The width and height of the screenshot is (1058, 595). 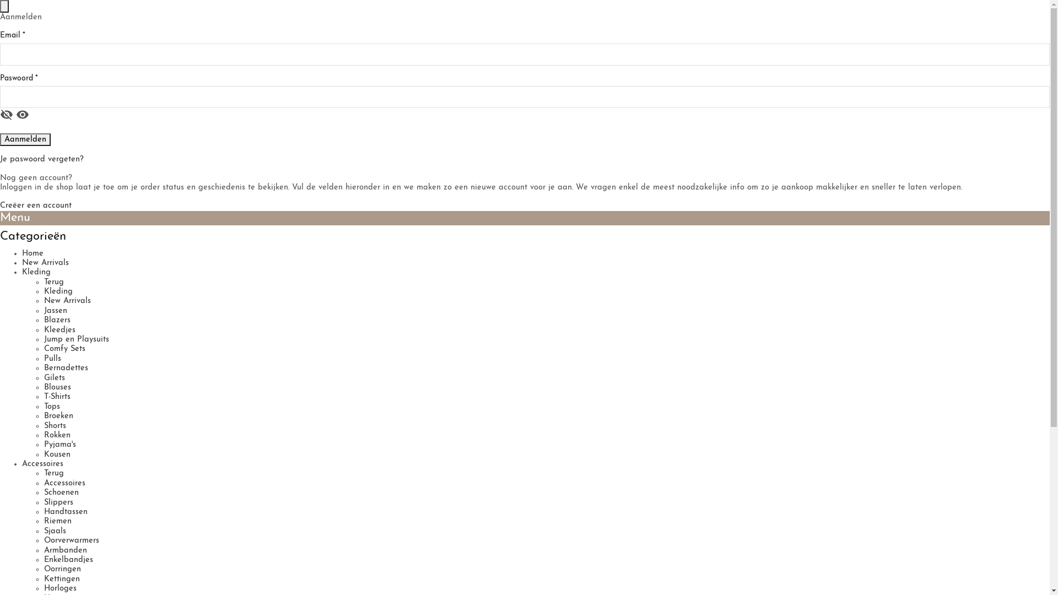 I want to click on 'Pyjama's', so click(x=60, y=444).